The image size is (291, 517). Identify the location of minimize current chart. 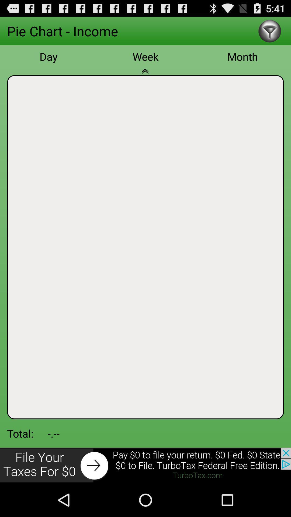
(145, 74).